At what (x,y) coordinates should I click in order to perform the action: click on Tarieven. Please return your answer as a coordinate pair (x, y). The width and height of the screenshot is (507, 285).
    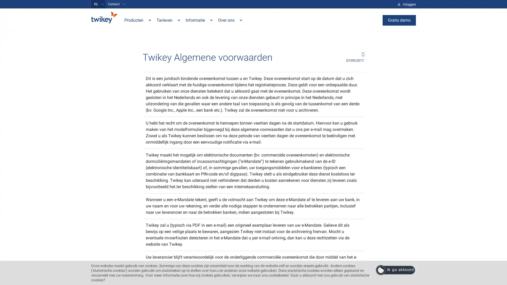
    Looking at the image, I should click on (168, 20).